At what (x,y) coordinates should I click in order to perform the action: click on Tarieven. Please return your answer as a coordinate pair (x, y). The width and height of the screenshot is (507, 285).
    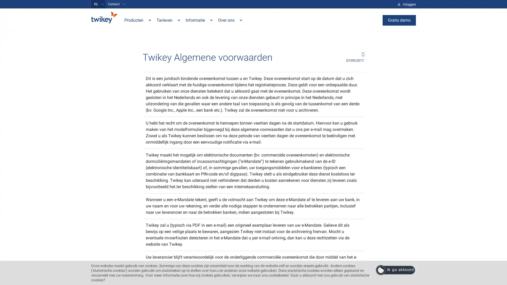
    Looking at the image, I should click on (168, 20).